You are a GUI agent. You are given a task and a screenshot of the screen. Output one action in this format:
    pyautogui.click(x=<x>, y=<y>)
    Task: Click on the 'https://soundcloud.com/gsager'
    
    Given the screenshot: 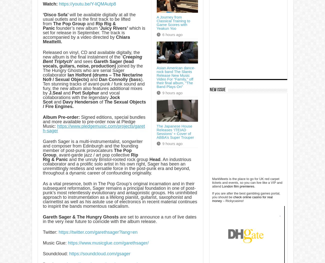 What is the action you would take?
    pyautogui.click(x=99, y=253)
    